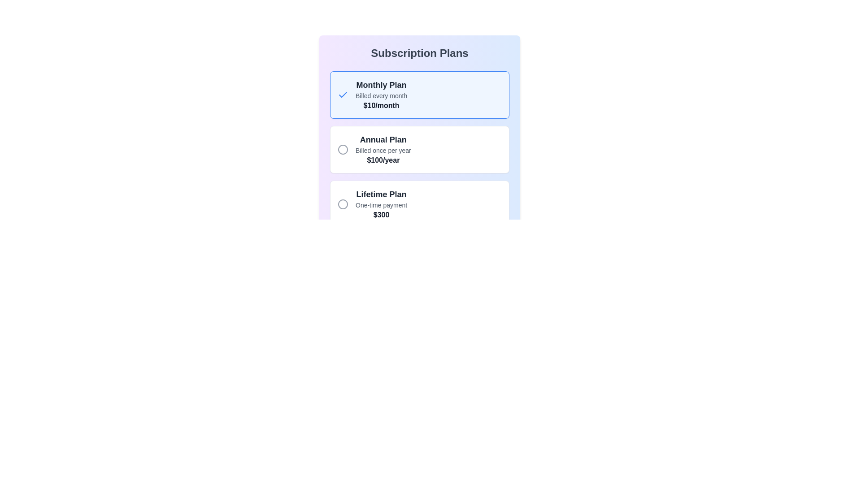  Describe the element at coordinates (381, 105) in the screenshot. I see `the bold text display showing '$10/month' located under the 'Monthly Plan' section, which has a larger font size and is formatted in black` at that location.